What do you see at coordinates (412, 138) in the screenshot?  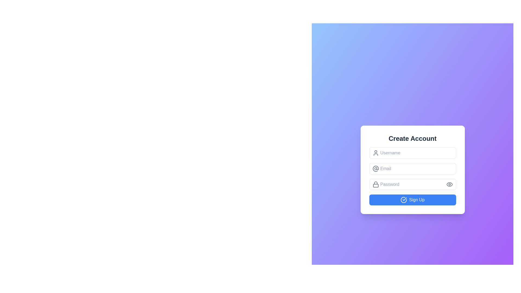 I see `title text that indicates the purpose of the account creation form, located at the top of the interface and centered horizontally` at bounding box center [412, 138].